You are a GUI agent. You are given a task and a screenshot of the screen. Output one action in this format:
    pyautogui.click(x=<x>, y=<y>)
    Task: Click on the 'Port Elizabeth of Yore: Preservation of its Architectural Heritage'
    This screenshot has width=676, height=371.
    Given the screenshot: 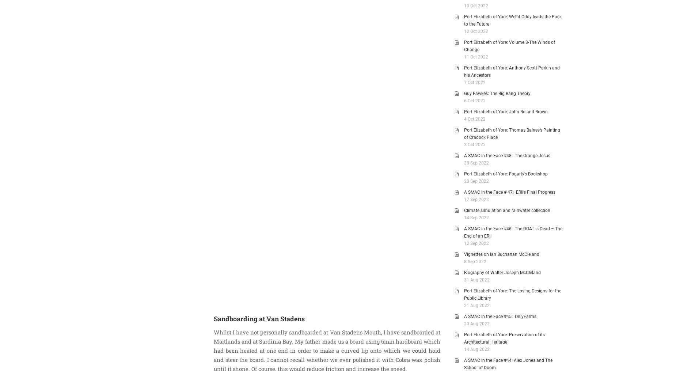 What is the action you would take?
    pyautogui.click(x=464, y=338)
    